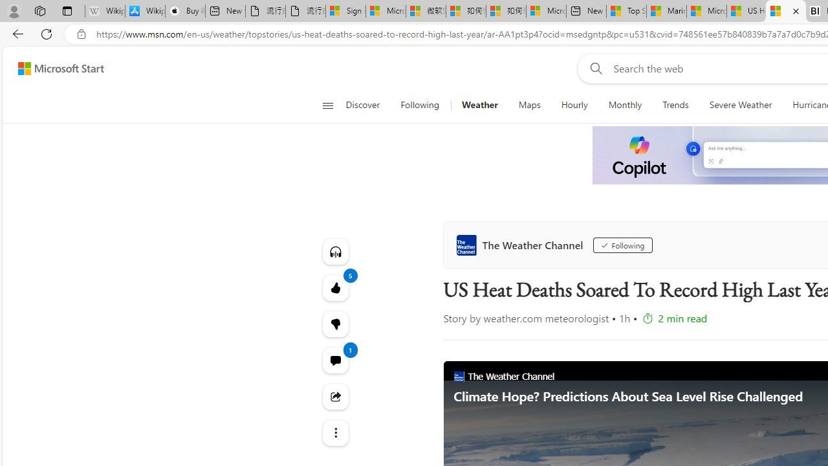  Describe the element at coordinates (675, 105) in the screenshot. I see `'Trends'` at that location.